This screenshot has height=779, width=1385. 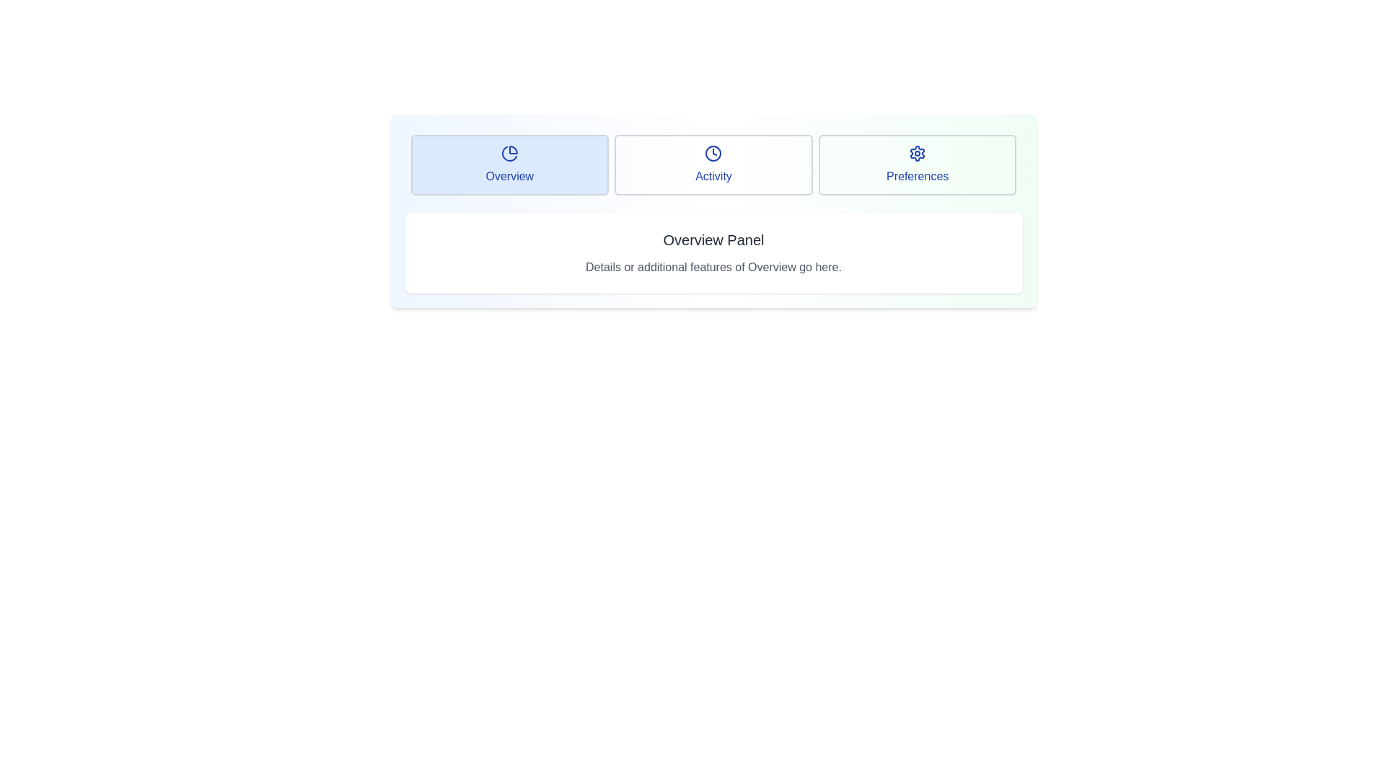 I want to click on the tab labeled Preferences to observe its hover effect, so click(x=917, y=164).